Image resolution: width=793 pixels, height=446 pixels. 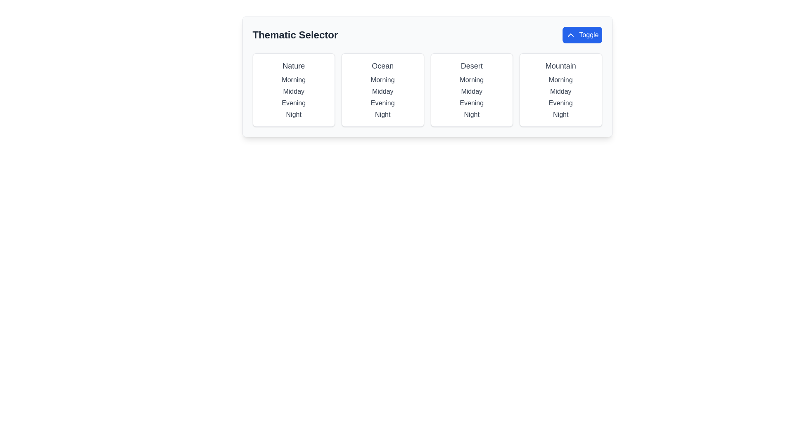 I want to click on the 'Ocean' card, so click(x=382, y=90).